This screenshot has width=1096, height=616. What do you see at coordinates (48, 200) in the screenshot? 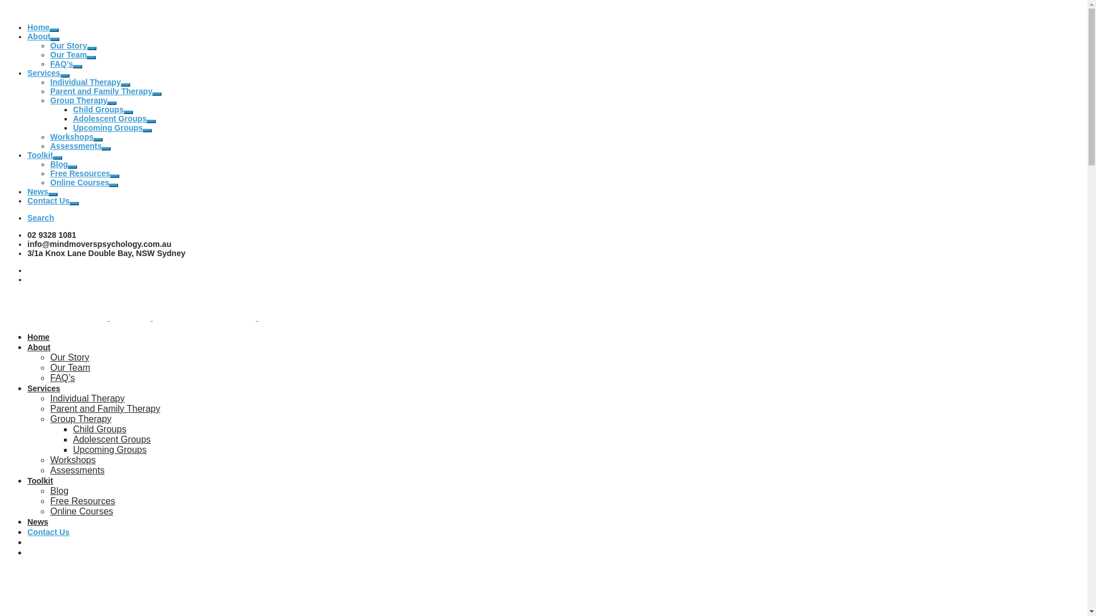
I see `'Contact Us'` at bounding box center [48, 200].